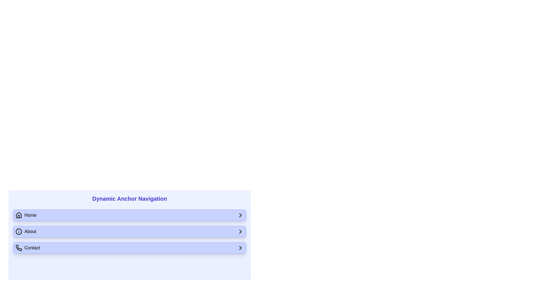  What do you see at coordinates (129, 215) in the screenshot?
I see `the 'Home' navigation button located at the top of the vertical list under 'Dynamic Anchor Navigation'` at bounding box center [129, 215].